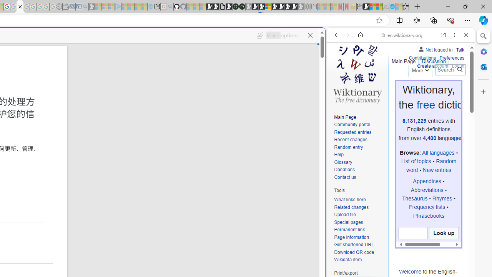  What do you see at coordinates (215, 7) in the screenshot?
I see `'Play Zoo Boom in your browser | Games from Microsoft Start'` at bounding box center [215, 7].